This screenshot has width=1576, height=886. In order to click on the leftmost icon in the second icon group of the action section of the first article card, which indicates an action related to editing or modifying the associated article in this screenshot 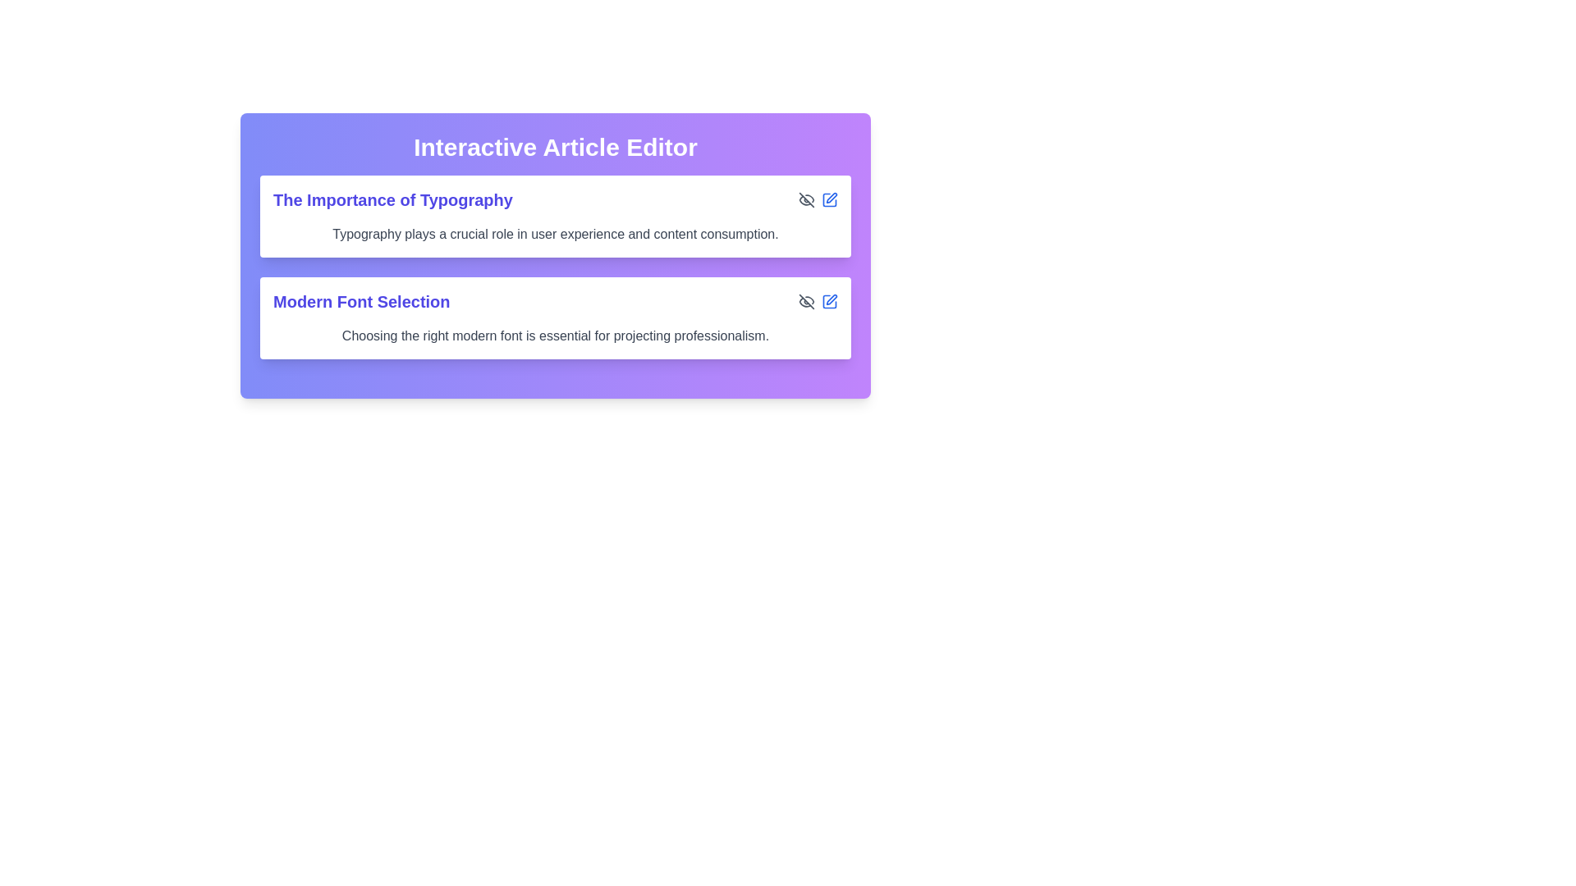, I will do `click(830, 199)`.